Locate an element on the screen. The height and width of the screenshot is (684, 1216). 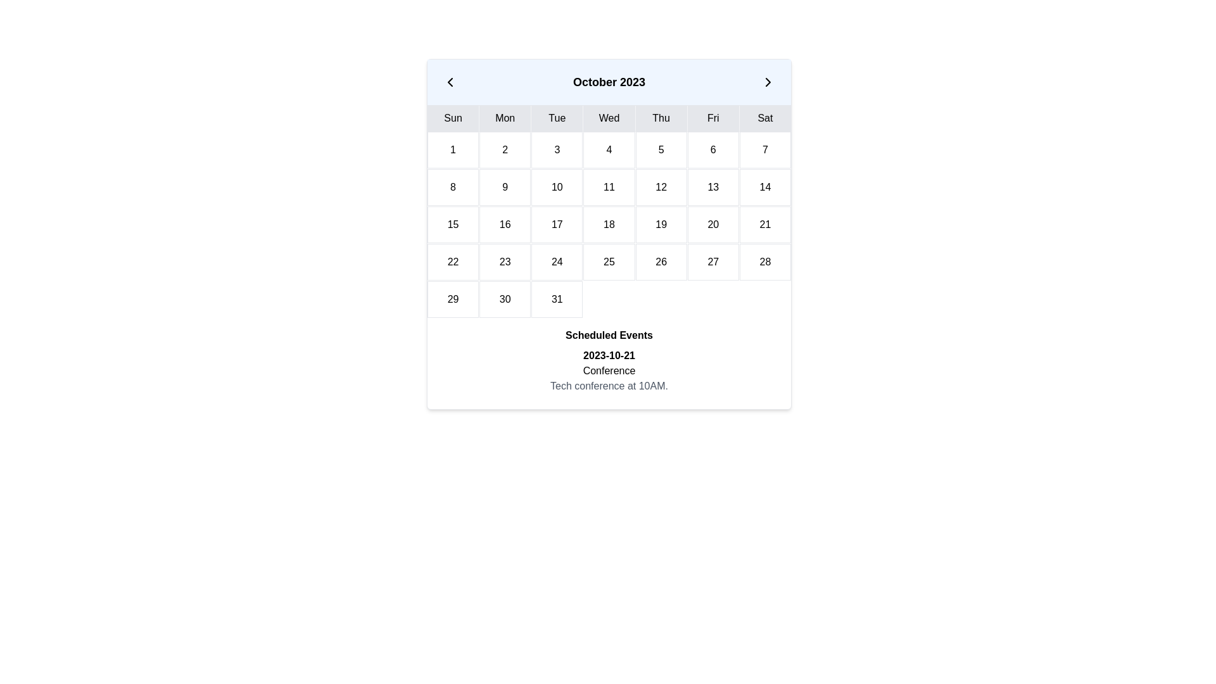
the calendar cell containing the date '2', which is a square-shaped element with a white background and black font, located in the second column of the calendar grid is located at coordinates (504, 149).